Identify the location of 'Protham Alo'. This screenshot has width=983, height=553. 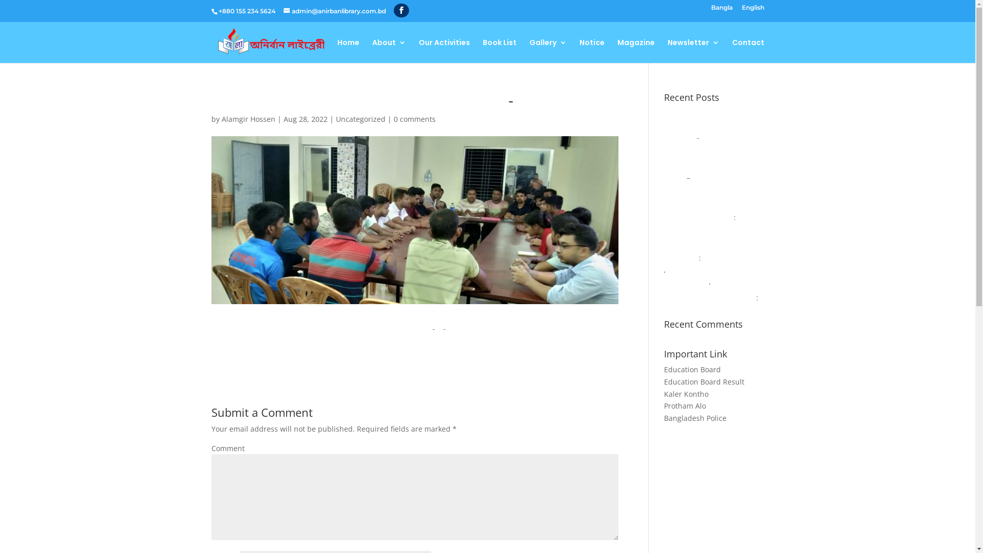
(685, 405).